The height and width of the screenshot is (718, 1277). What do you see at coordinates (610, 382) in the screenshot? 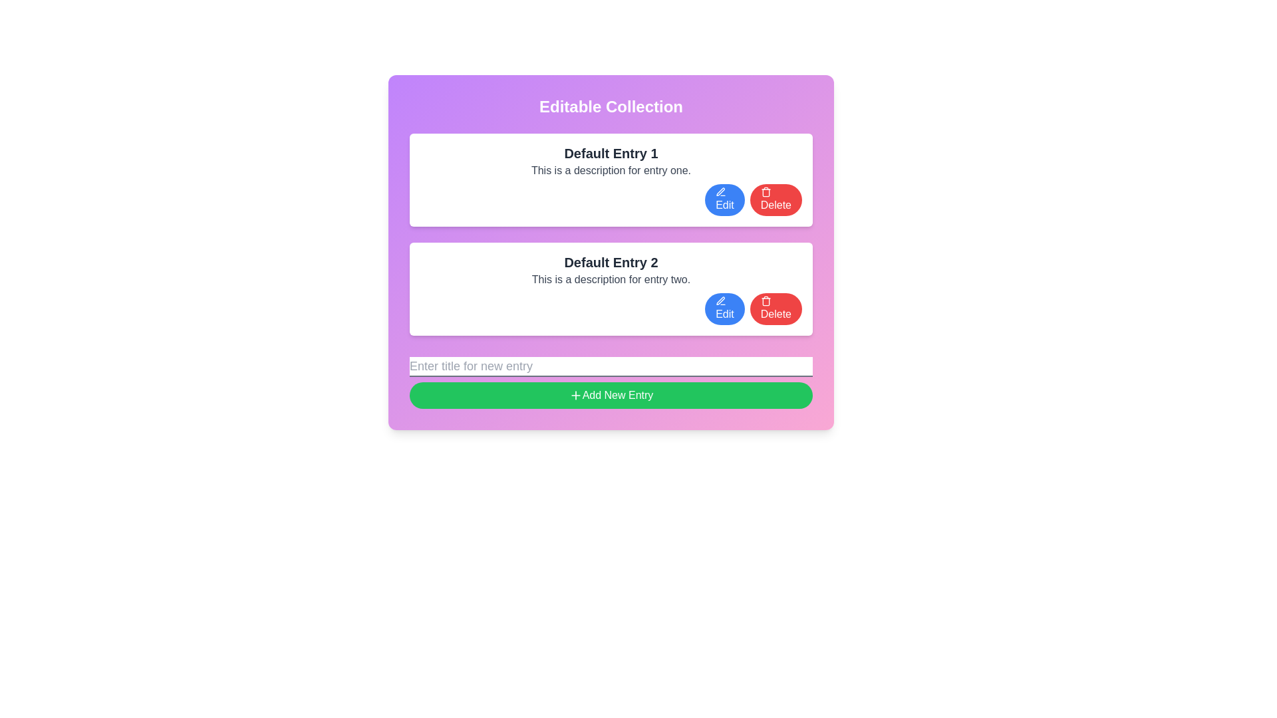
I see `the button for adding a user-defined entry to the list` at bounding box center [610, 382].